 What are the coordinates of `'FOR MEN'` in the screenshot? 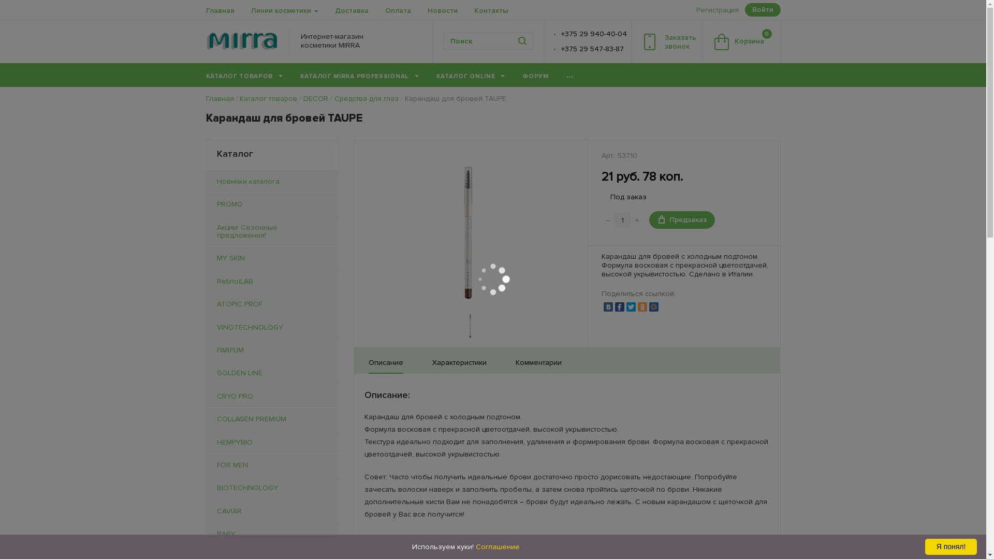 It's located at (271, 464).